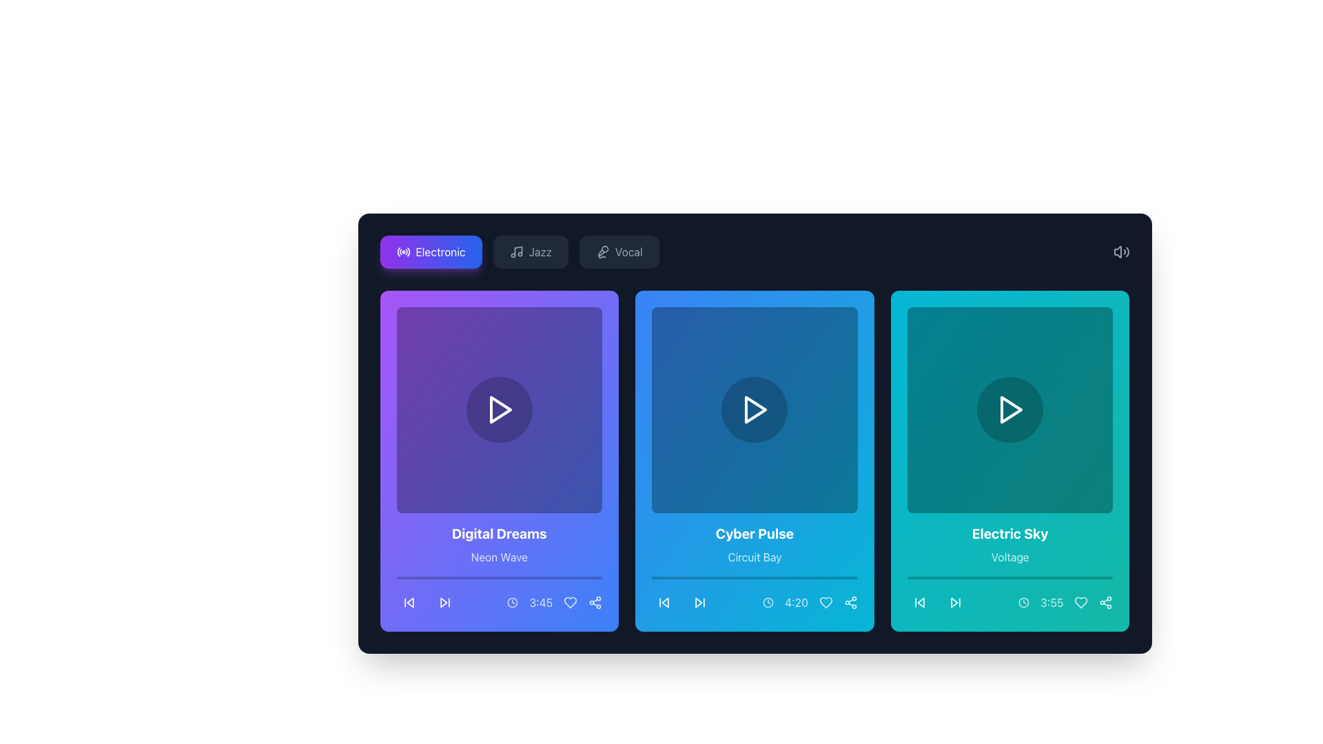 This screenshot has height=744, width=1323. I want to click on the Music item card titled 'Digital Dreams' which has a play button in the center and metadata below it, to trigger a visual effect, so click(498, 461).